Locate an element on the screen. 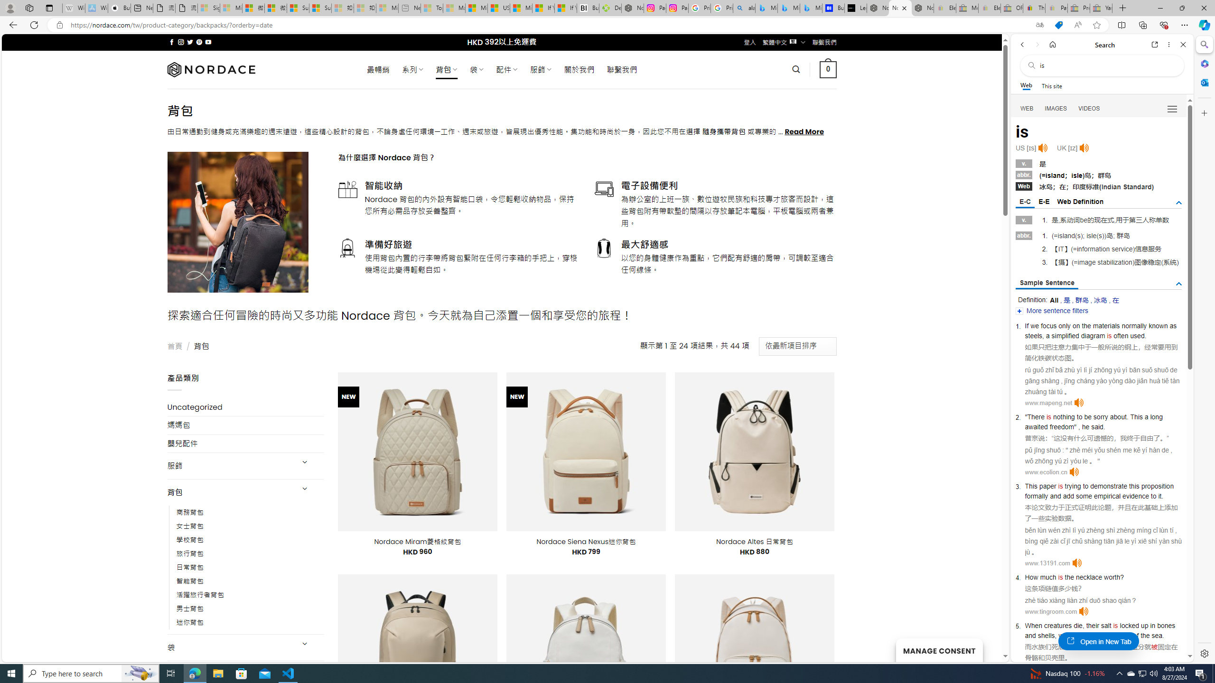  'used' is located at coordinates (1137, 335).